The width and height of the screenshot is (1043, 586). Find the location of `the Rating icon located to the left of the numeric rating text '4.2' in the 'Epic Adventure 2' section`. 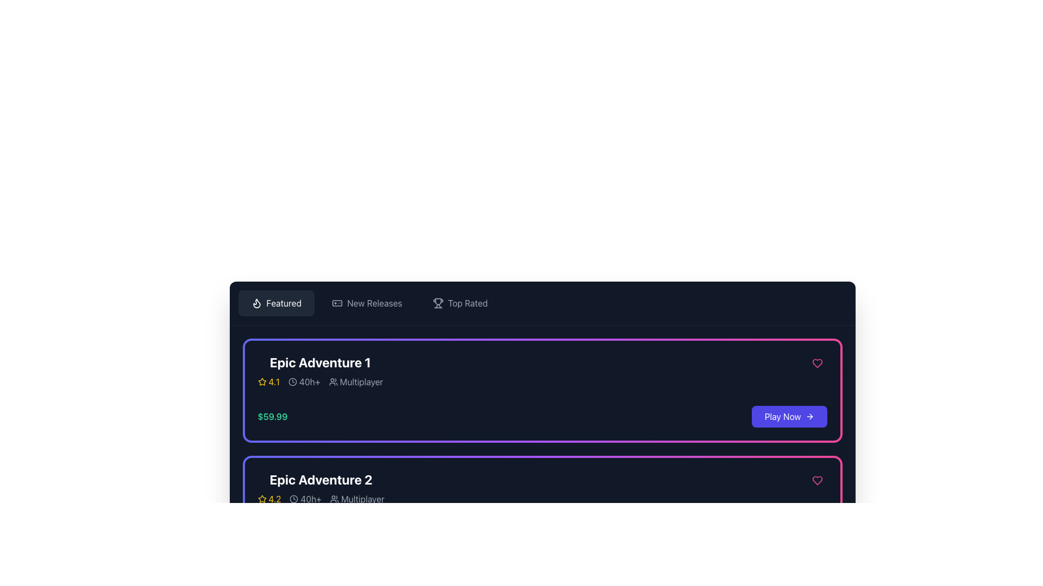

the Rating icon located to the left of the numeric rating text '4.2' in the 'Epic Adventure 2' section is located at coordinates (262, 499).